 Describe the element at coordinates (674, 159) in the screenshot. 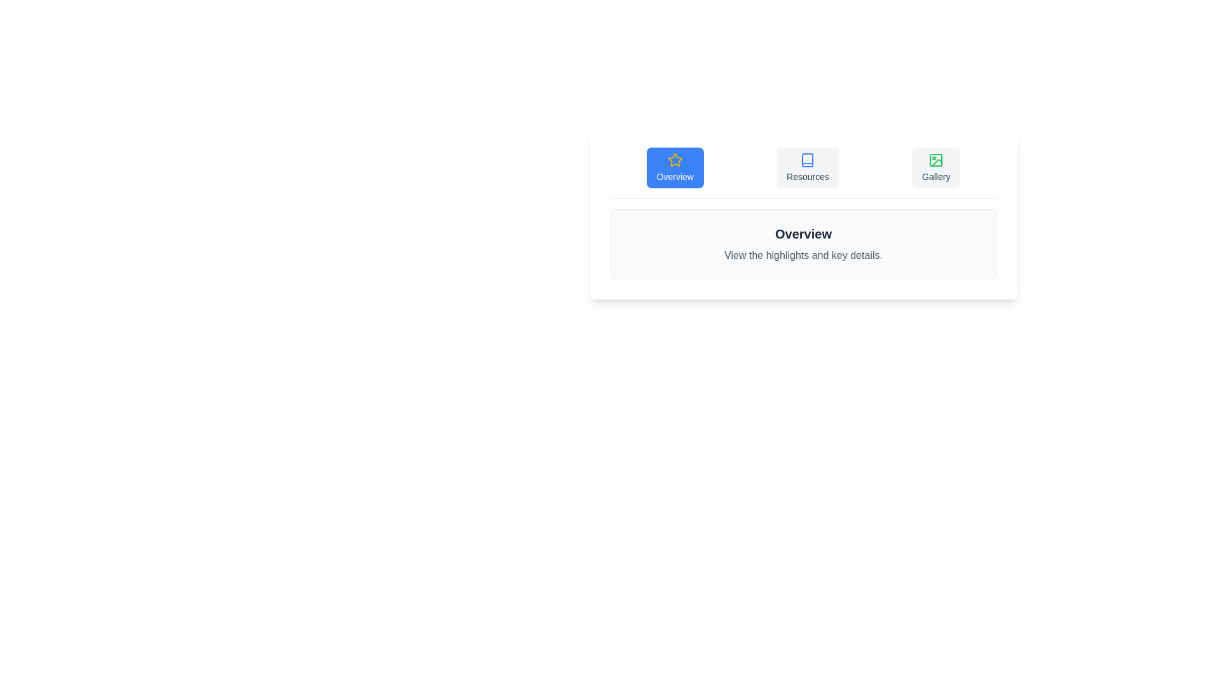

I see `the icon of the Overview tab` at that location.